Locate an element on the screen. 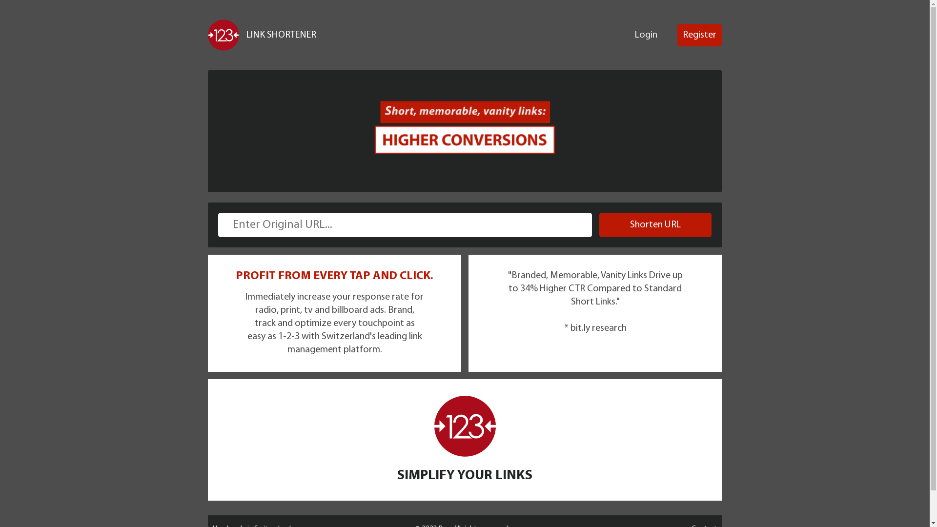 This screenshot has height=527, width=937. 'Login' is located at coordinates (646, 35).